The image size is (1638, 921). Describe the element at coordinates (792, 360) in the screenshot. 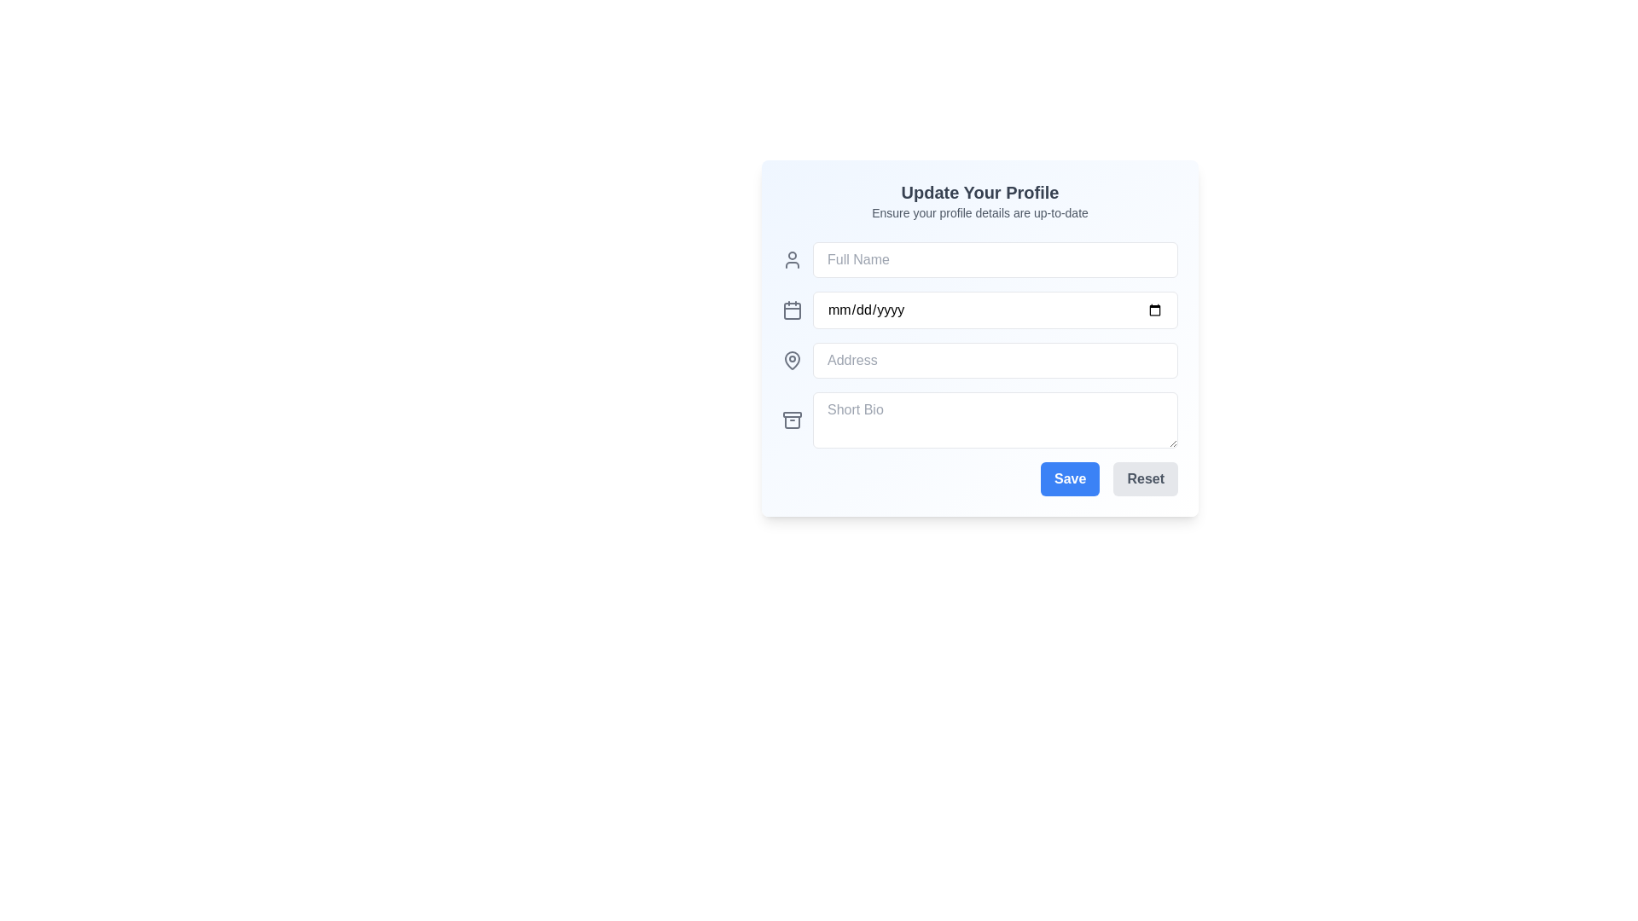

I see `the address icon located on the left side of the 'Address' input field in the profile update form` at that location.